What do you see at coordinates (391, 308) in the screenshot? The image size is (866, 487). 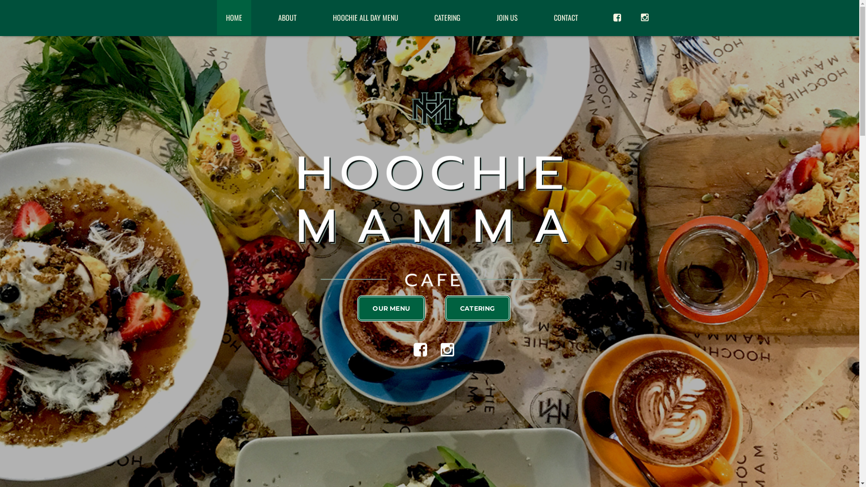 I see `'OUR MENU'` at bounding box center [391, 308].